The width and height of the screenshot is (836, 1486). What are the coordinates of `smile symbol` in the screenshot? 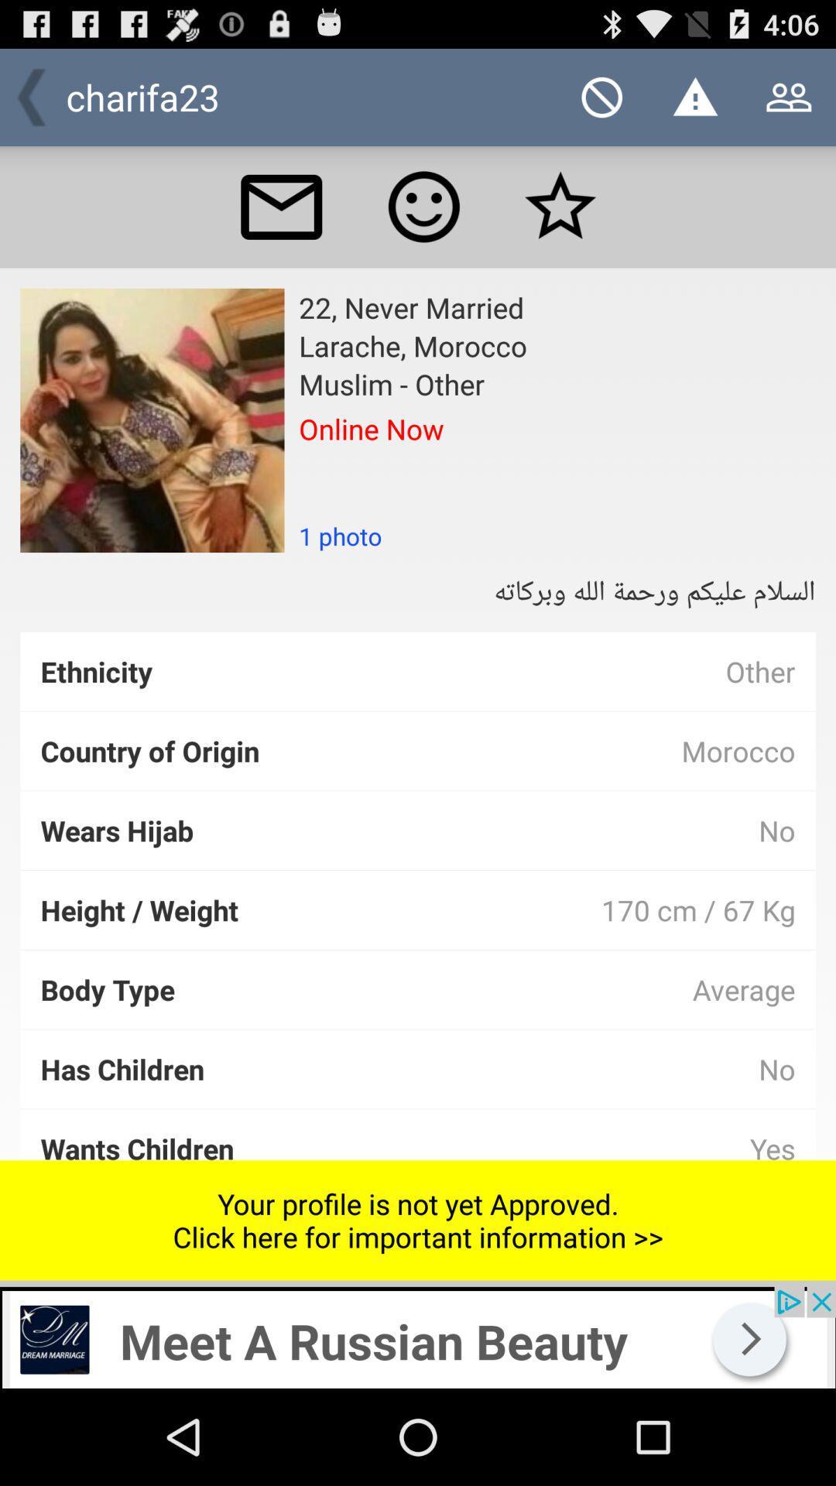 It's located at (423, 206).